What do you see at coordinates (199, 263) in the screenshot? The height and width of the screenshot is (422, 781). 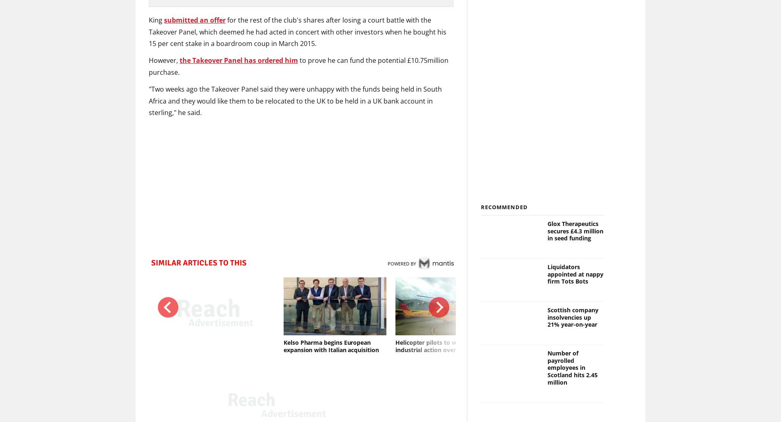 I see `'SIMILAR ARTICLES TO THIS'` at bounding box center [199, 263].